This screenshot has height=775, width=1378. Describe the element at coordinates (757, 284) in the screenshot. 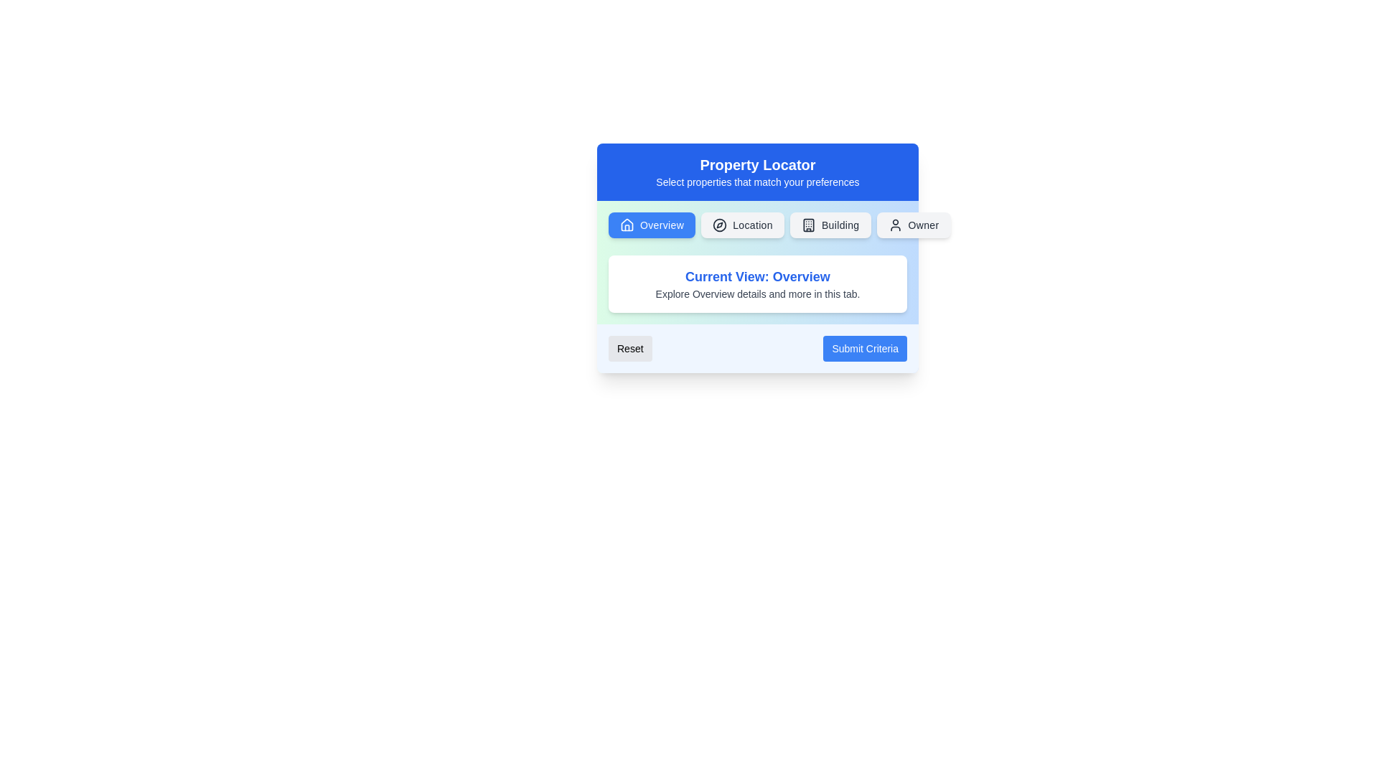

I see `information displayed on the Informational Card with the bold blue text 'Current View: Overview' and the smaller gray text 'Explore Overview details and more in this tab.'` at that location.